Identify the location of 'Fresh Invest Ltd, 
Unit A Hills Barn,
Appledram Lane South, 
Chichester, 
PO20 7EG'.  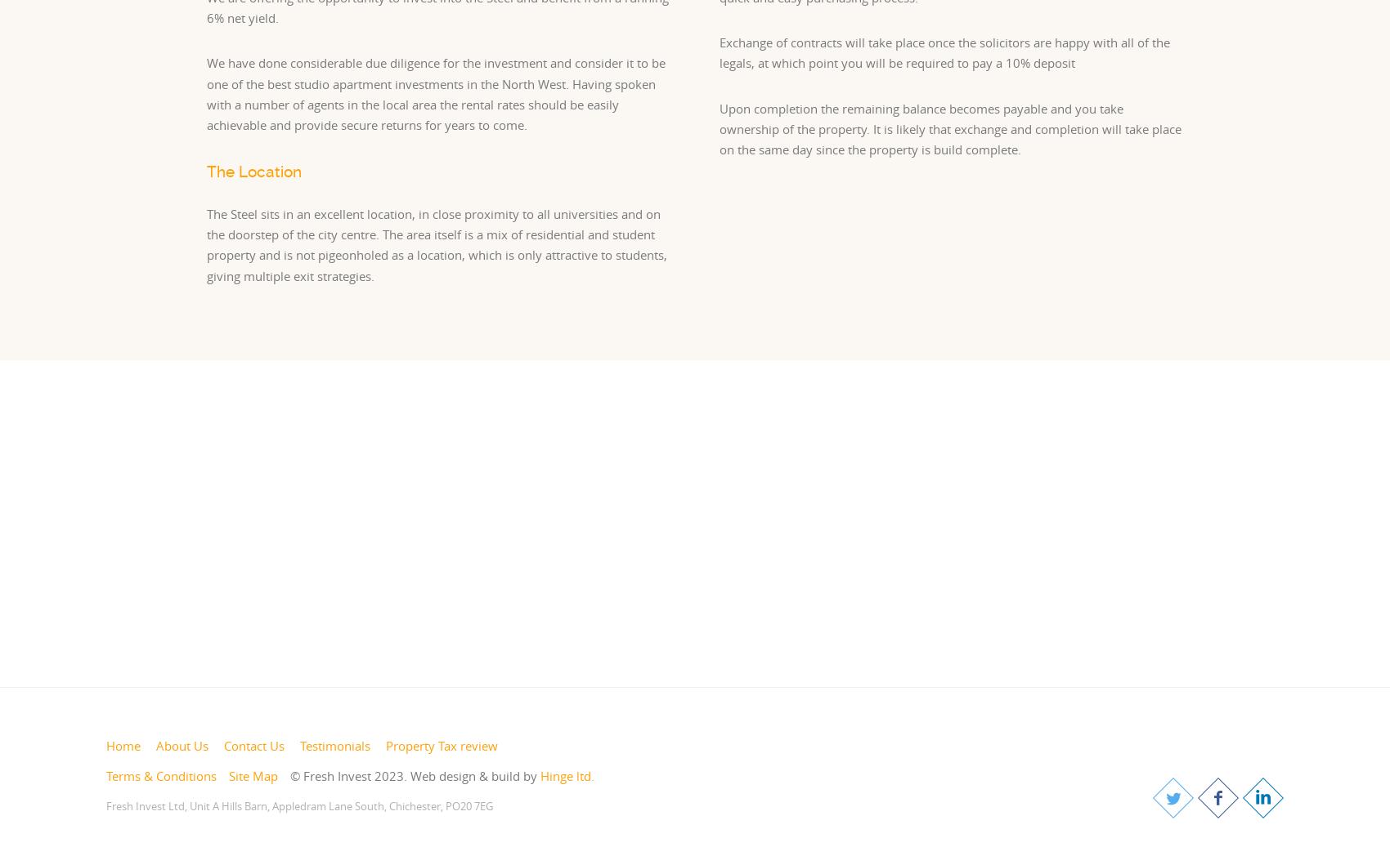
(298, 805).